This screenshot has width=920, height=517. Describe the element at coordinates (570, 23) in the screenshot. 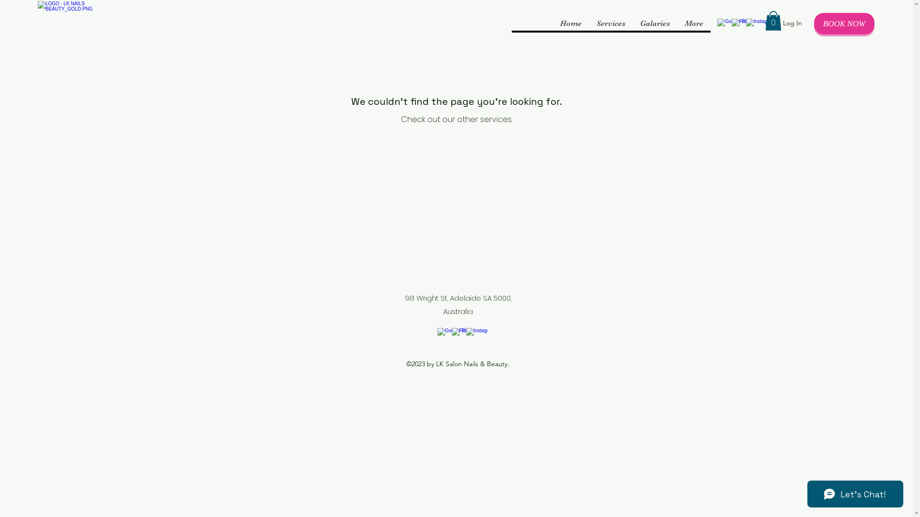

I see `'Home'` at that location.